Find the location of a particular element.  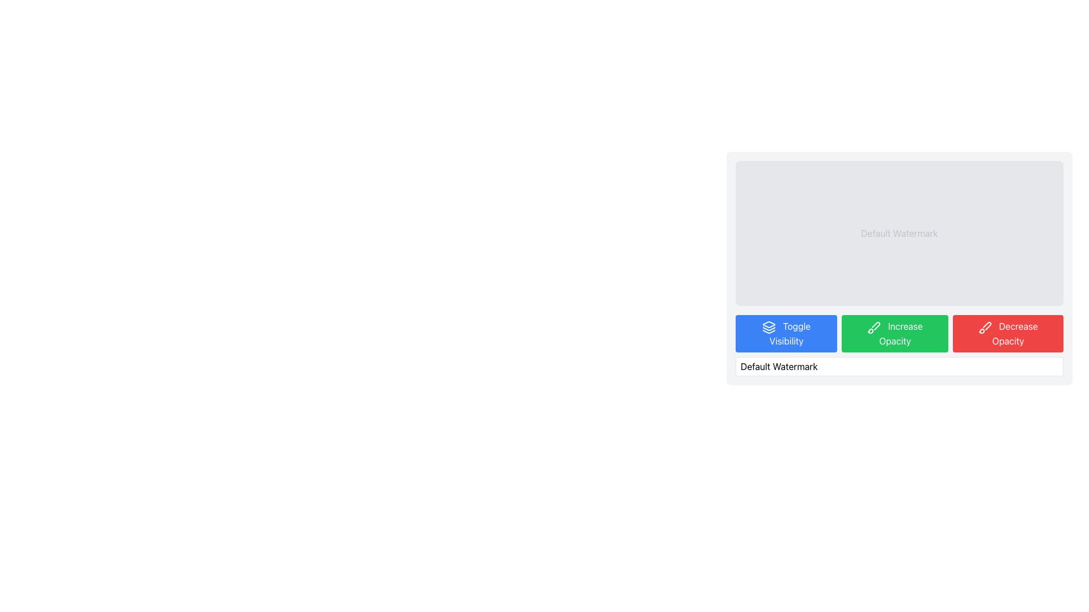

the middle layer icon element that is part of a layered icon structure located at the bottom-left region of the application interface is located at coordinates (769, 329).